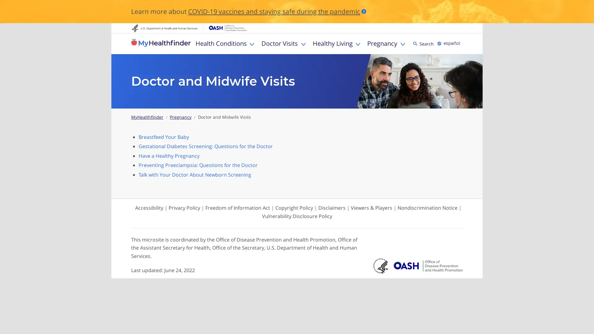 This screenshot has height=334, width=594. Describe the element at coordinates (358, 43) in the screenshot. I see `Toggle Healthy Living sub menu` at that location.